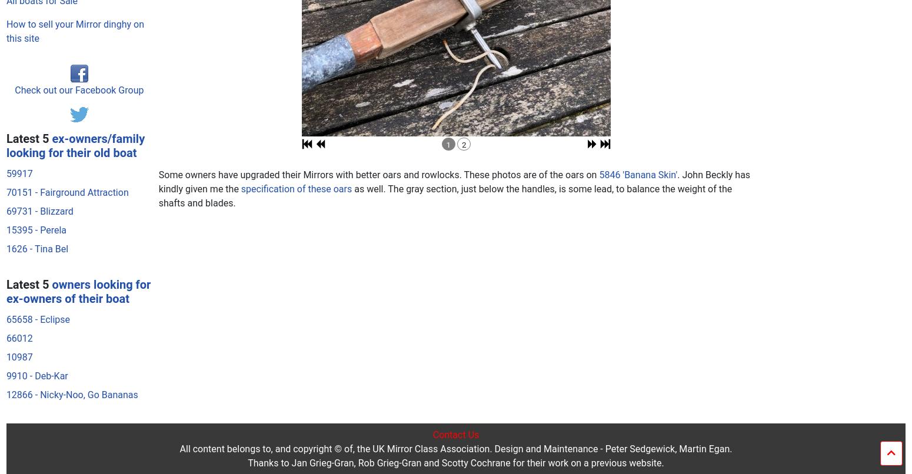 Image resolution: width=912 pixels, height=474 pixels. Describe the element at coordinates (455, 220) in the screenshot. I see `'All content belongs to, and copyright © of, the UK Mirror Class Association. Design and Maintenance - Peter Sedgewick, Martin Egan.'` at that location.